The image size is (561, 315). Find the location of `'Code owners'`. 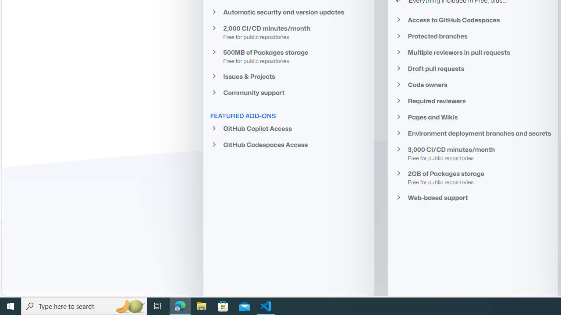

'Code owners' is located at coordinates (472, 85).